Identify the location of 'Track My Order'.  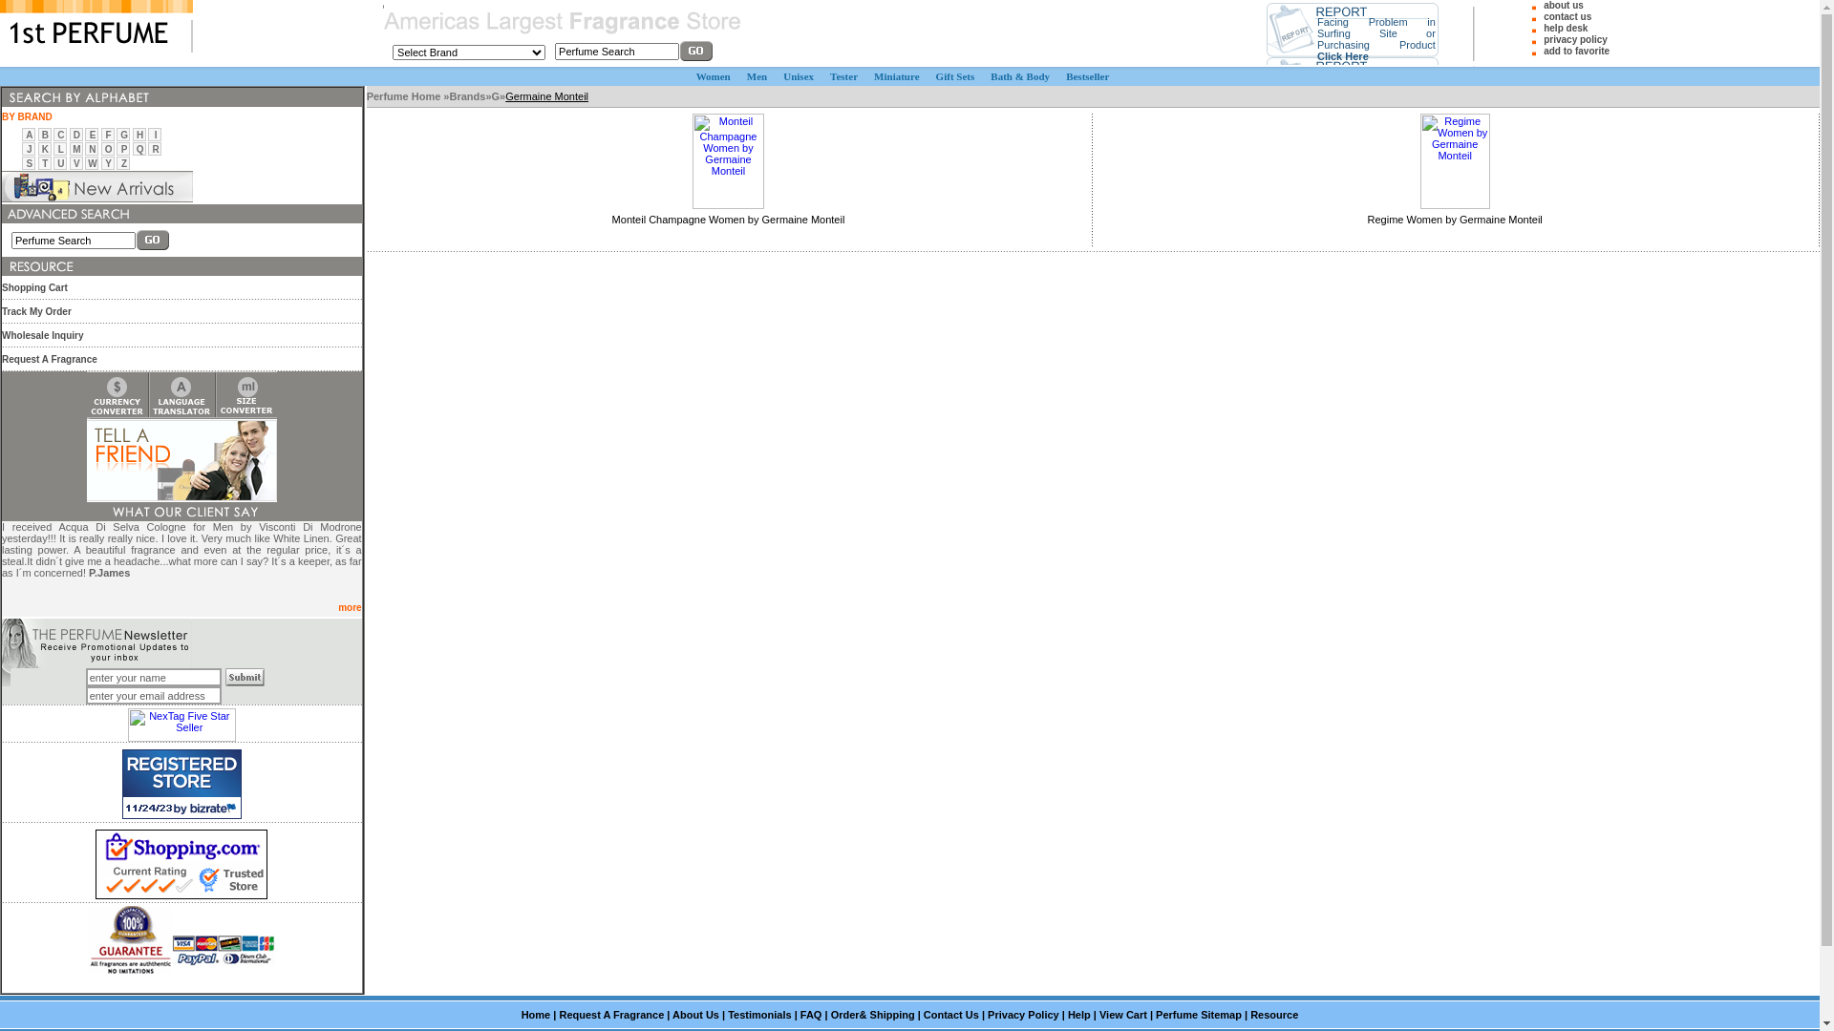
(1, 309).